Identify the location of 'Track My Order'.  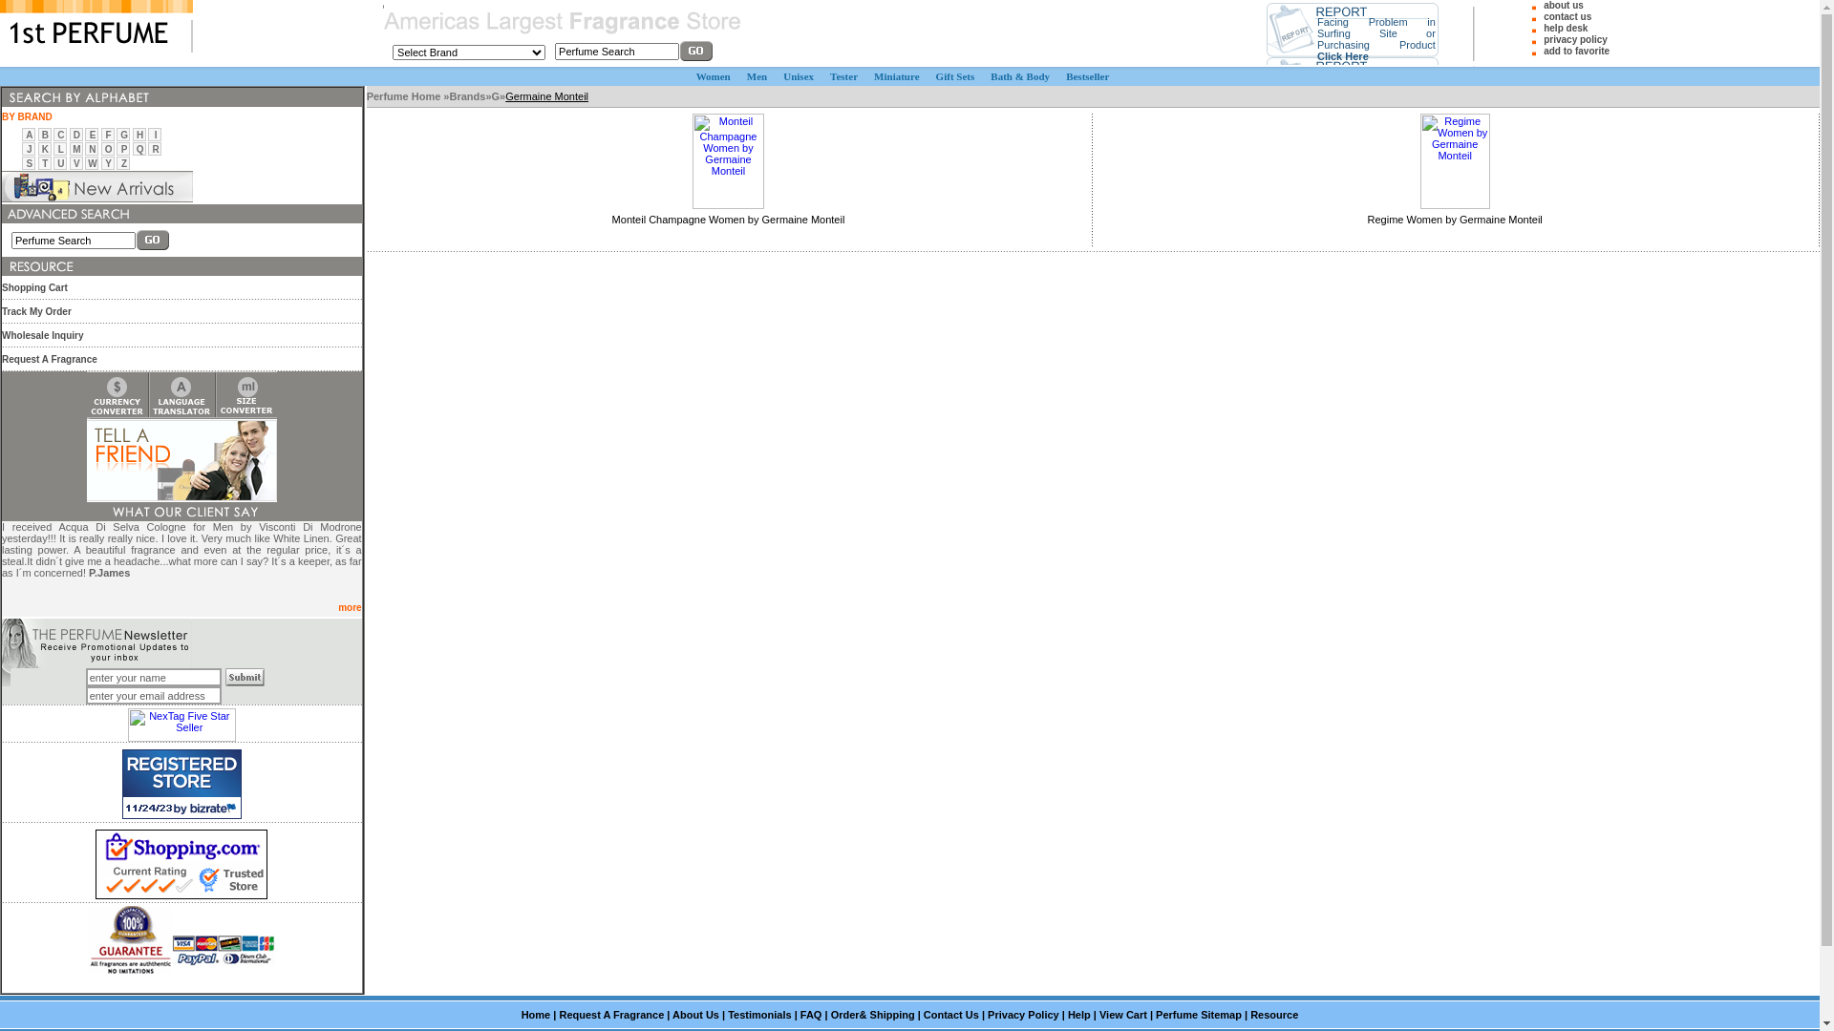
(1, 309).